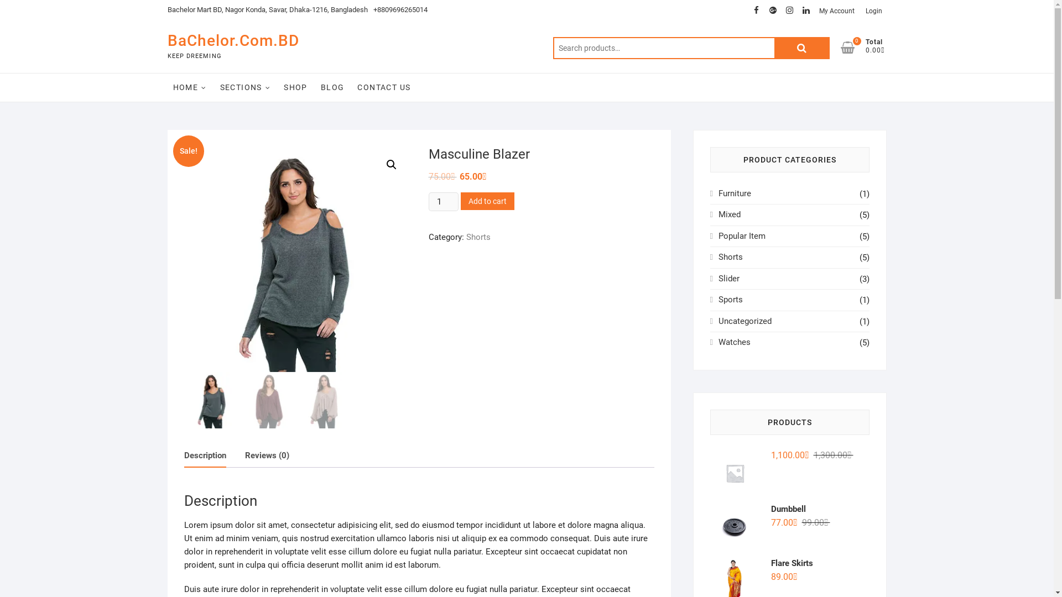 The width and height of the screenshot is (1062, 597). What do you see at coordinates (215, 87) in the screenshot?
I see `'SECTIONS'` at bounding box center [215, 87].